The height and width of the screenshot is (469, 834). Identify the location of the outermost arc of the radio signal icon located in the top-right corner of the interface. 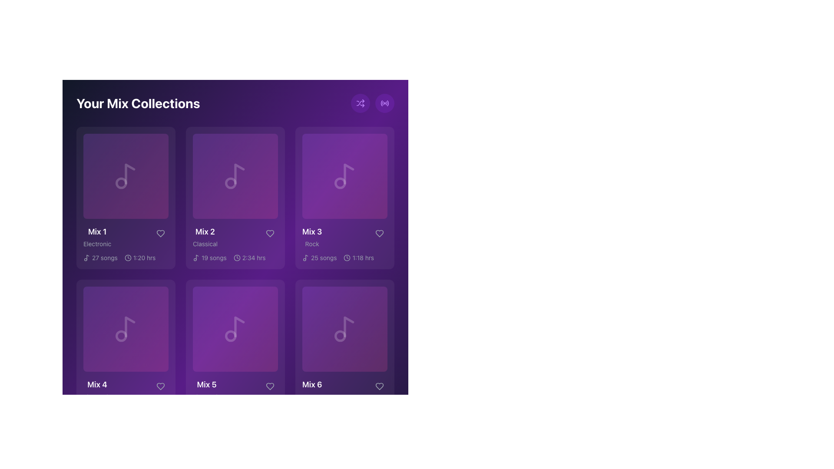
(381, 103).